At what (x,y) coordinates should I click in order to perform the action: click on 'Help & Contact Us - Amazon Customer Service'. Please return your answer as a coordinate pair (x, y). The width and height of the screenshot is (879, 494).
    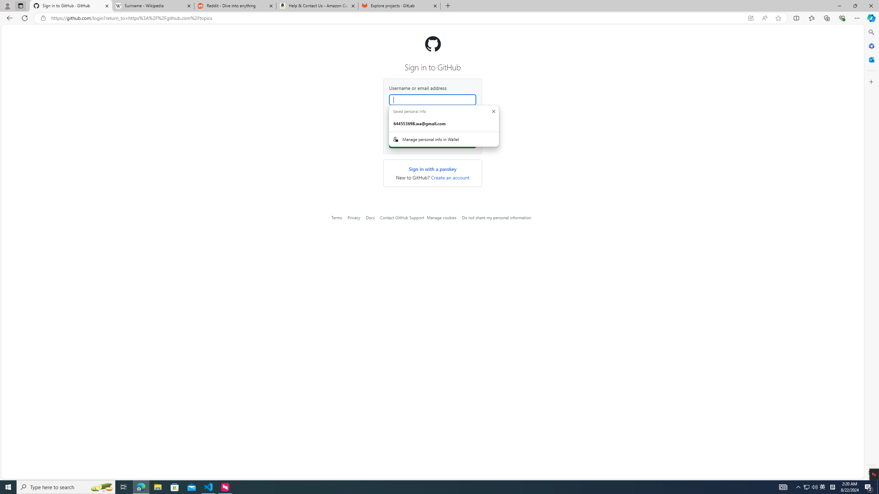
    Looking at the image, I should click on (317, 5).